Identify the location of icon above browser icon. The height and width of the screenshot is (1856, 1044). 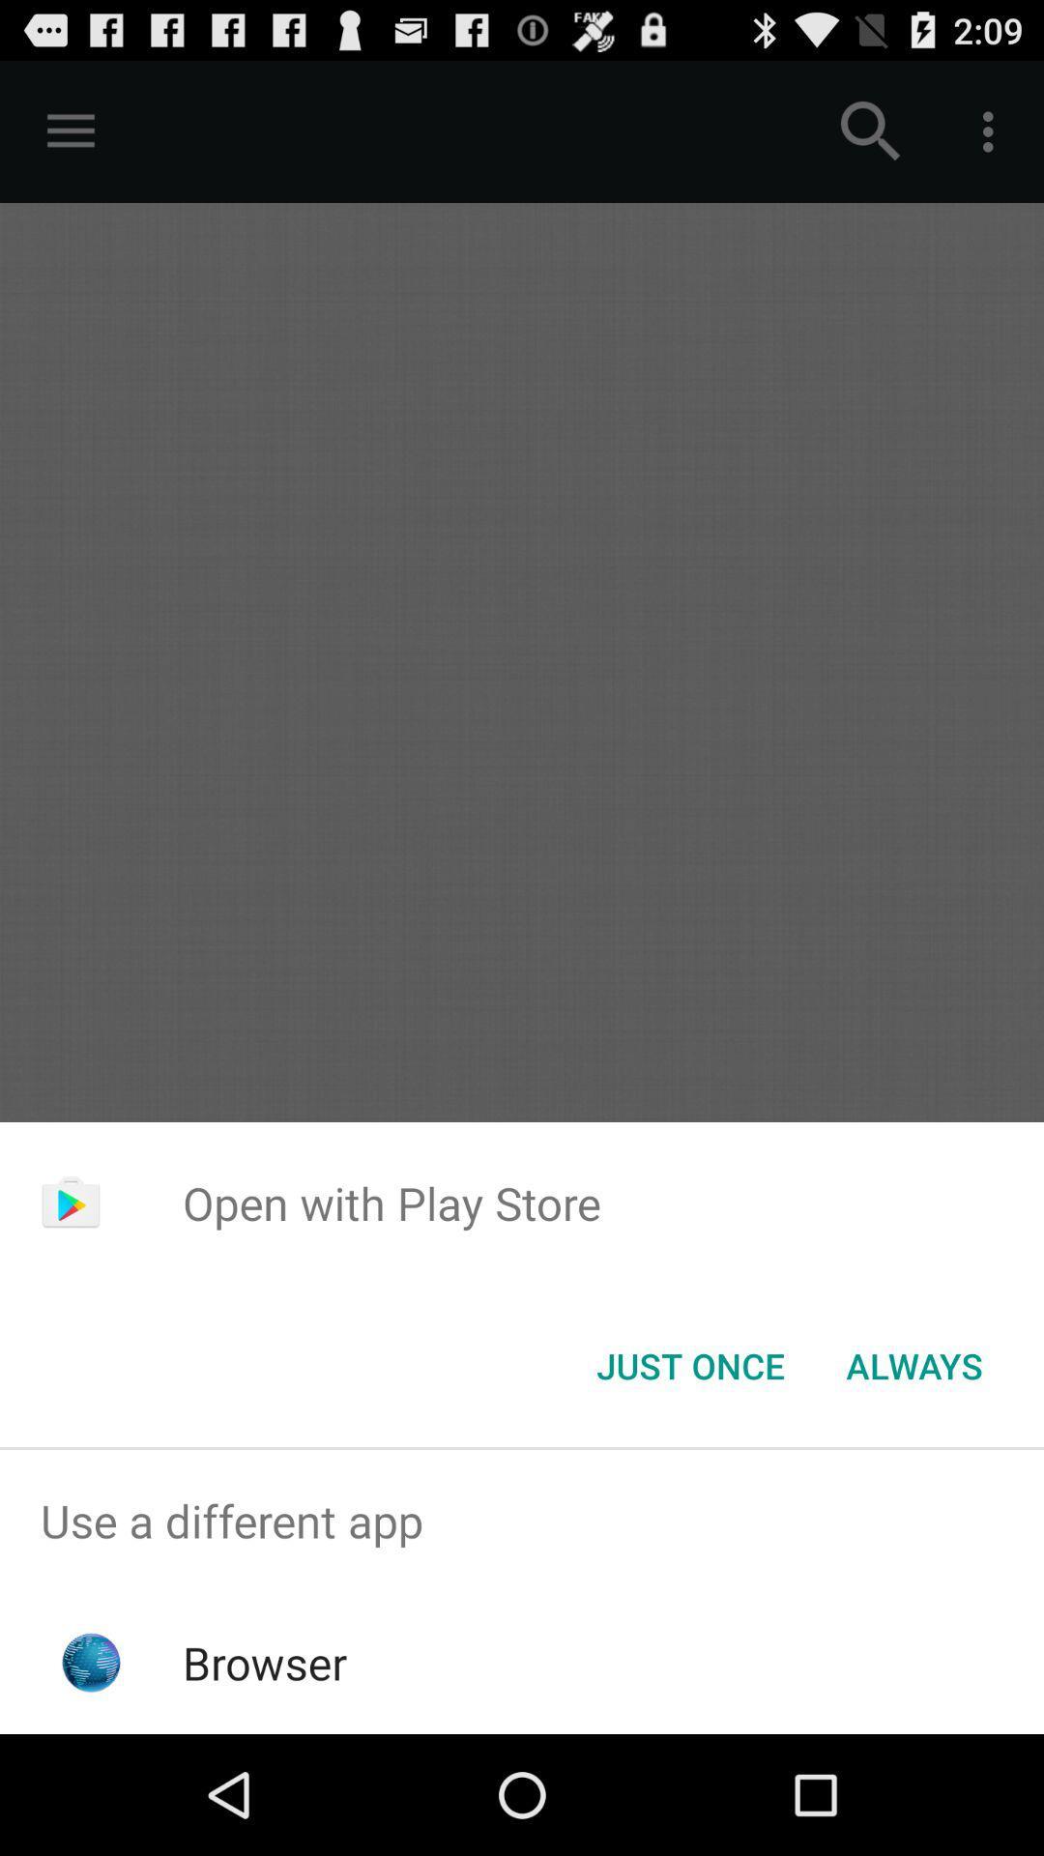
(522, 1520).